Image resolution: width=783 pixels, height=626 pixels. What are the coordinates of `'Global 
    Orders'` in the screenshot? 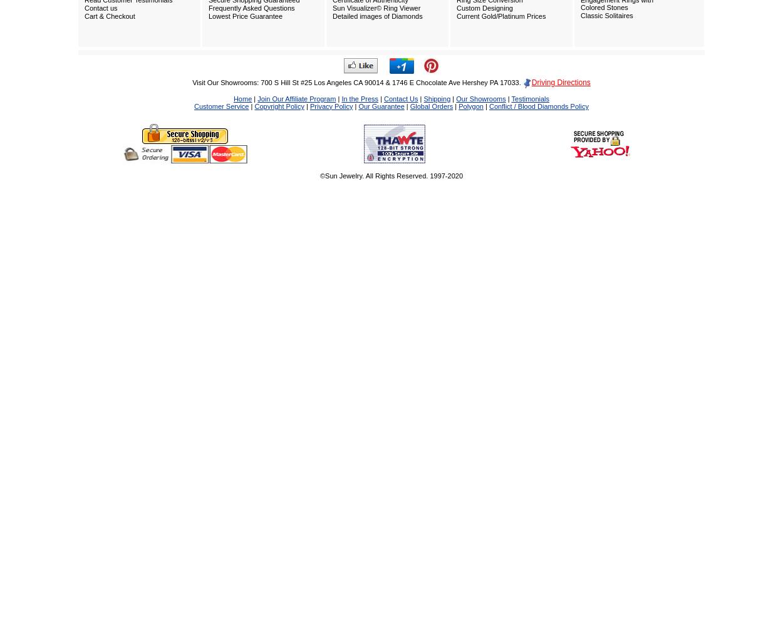 It's located at (431, 106).